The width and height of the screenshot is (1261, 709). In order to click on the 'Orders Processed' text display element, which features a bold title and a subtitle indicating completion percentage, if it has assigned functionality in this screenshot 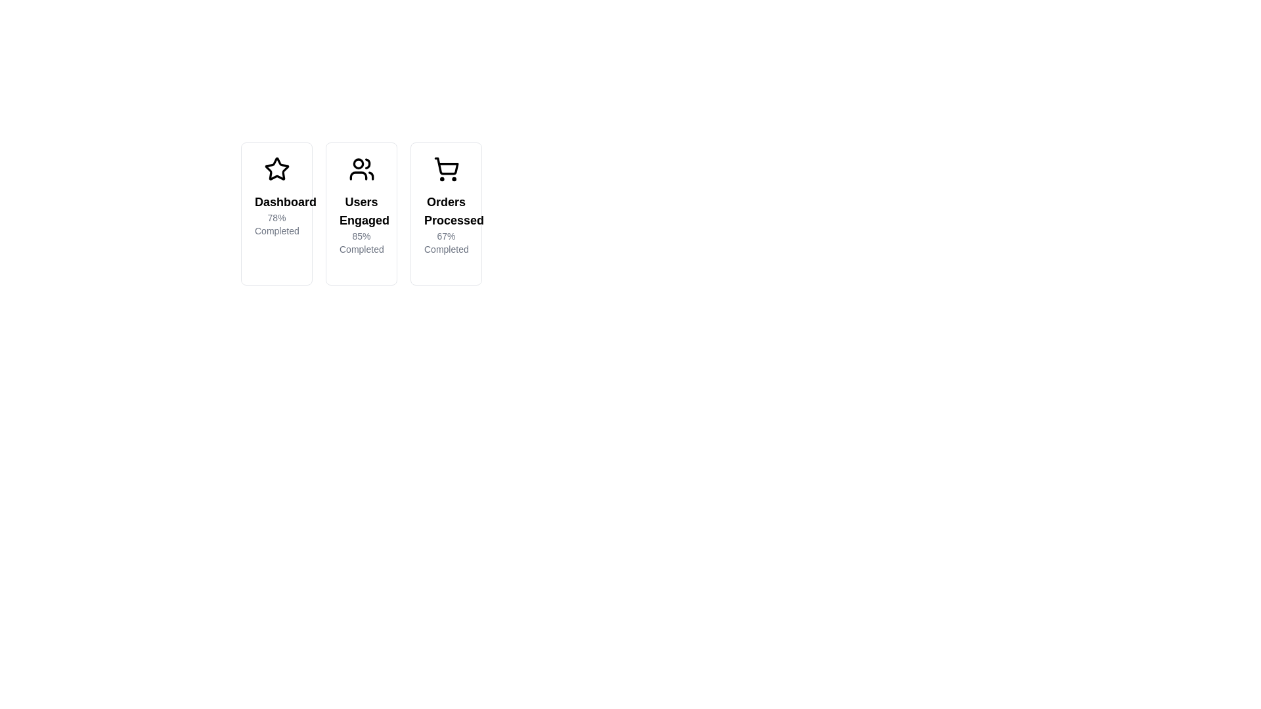, I will do `click(446, 224)`.